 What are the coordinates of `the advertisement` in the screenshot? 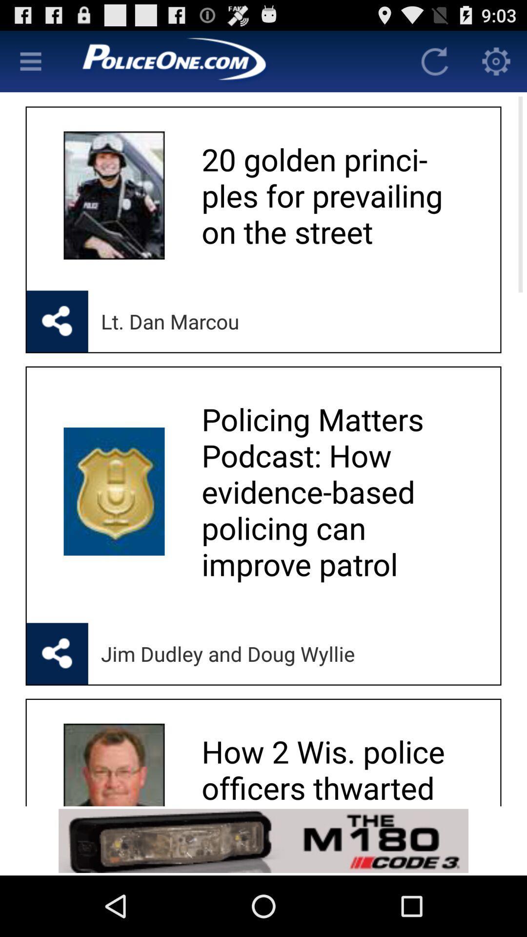 It's located at (263, 840).